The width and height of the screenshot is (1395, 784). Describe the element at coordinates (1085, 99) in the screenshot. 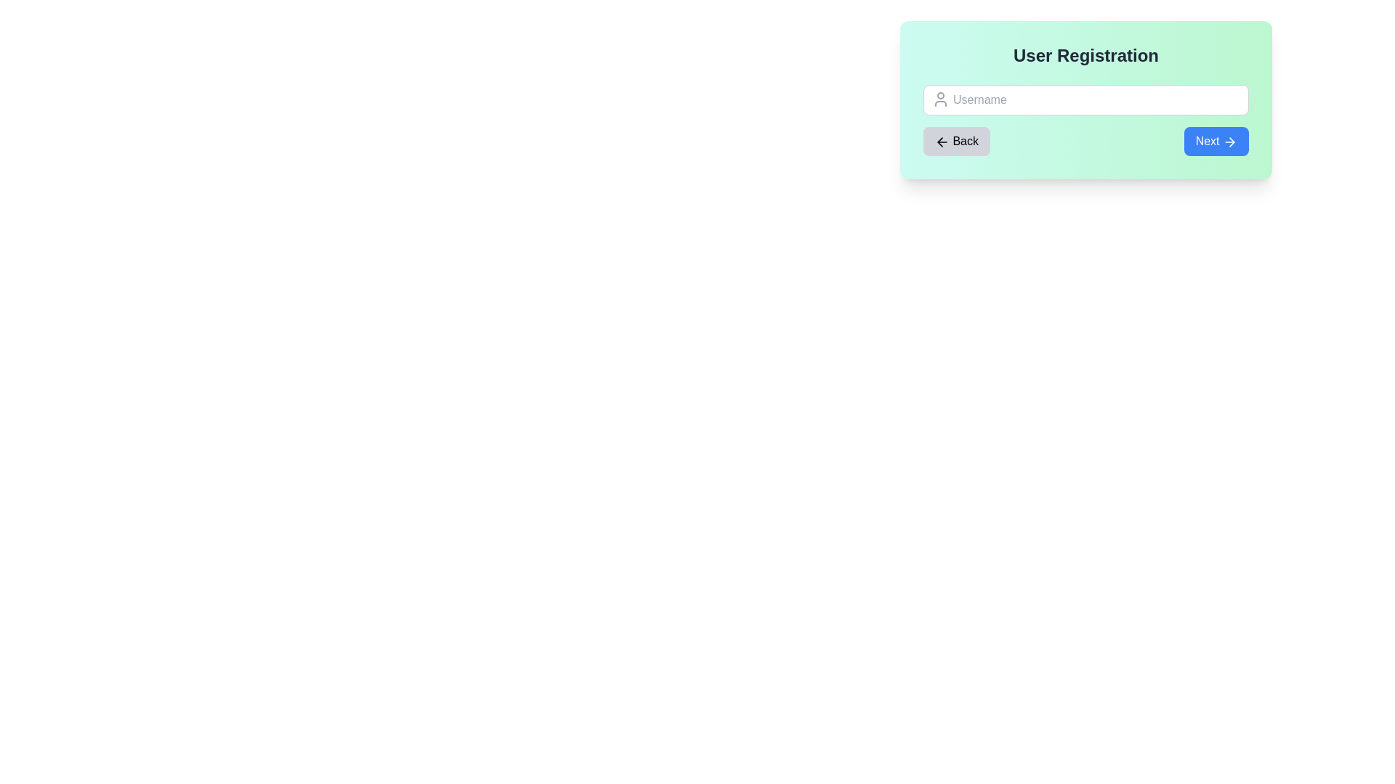

I see `the username input field located below the 'User Registration' title` at that location.